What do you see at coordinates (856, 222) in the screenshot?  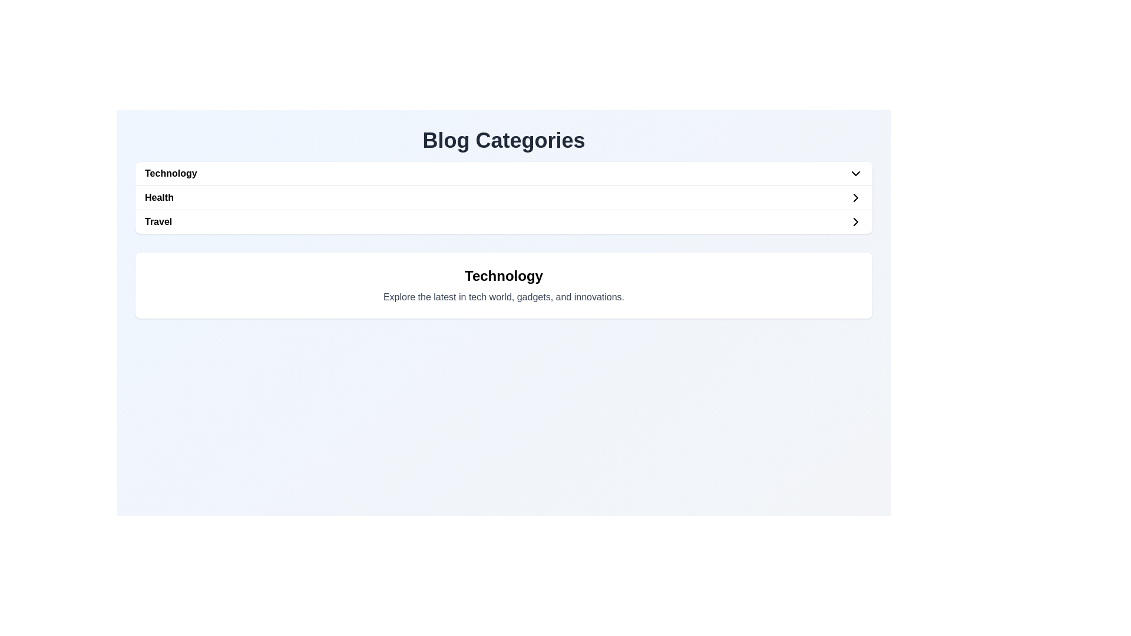 I see `the rightward-pointing chevron icon located at the far right of the 'Travel' section` at bounding box center [856, 222].